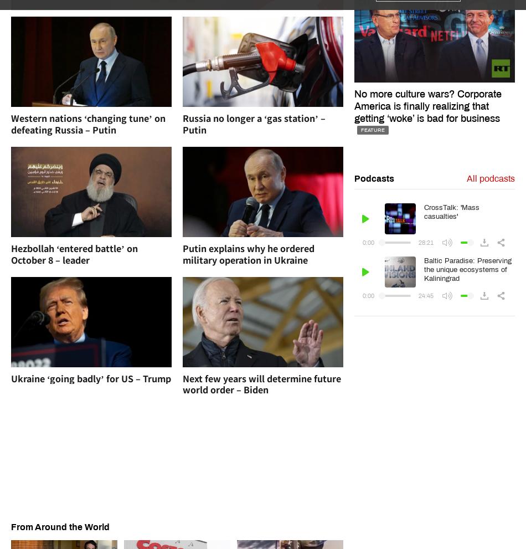 Image resolution: width=526 pixels, height=549 pixels. What do you see at coordinates (373, 178) in the screenshot?
I see `'Podcasts'` at bounding box center [373, 178].